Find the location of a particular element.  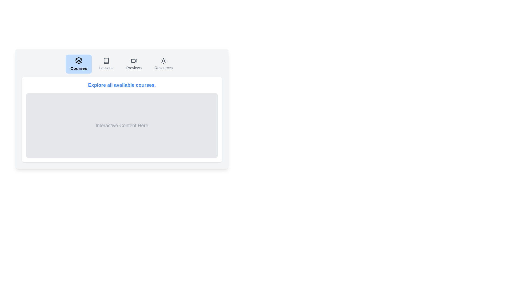

the Previews tab by clicking on its button is located at coordinates (134, 64).